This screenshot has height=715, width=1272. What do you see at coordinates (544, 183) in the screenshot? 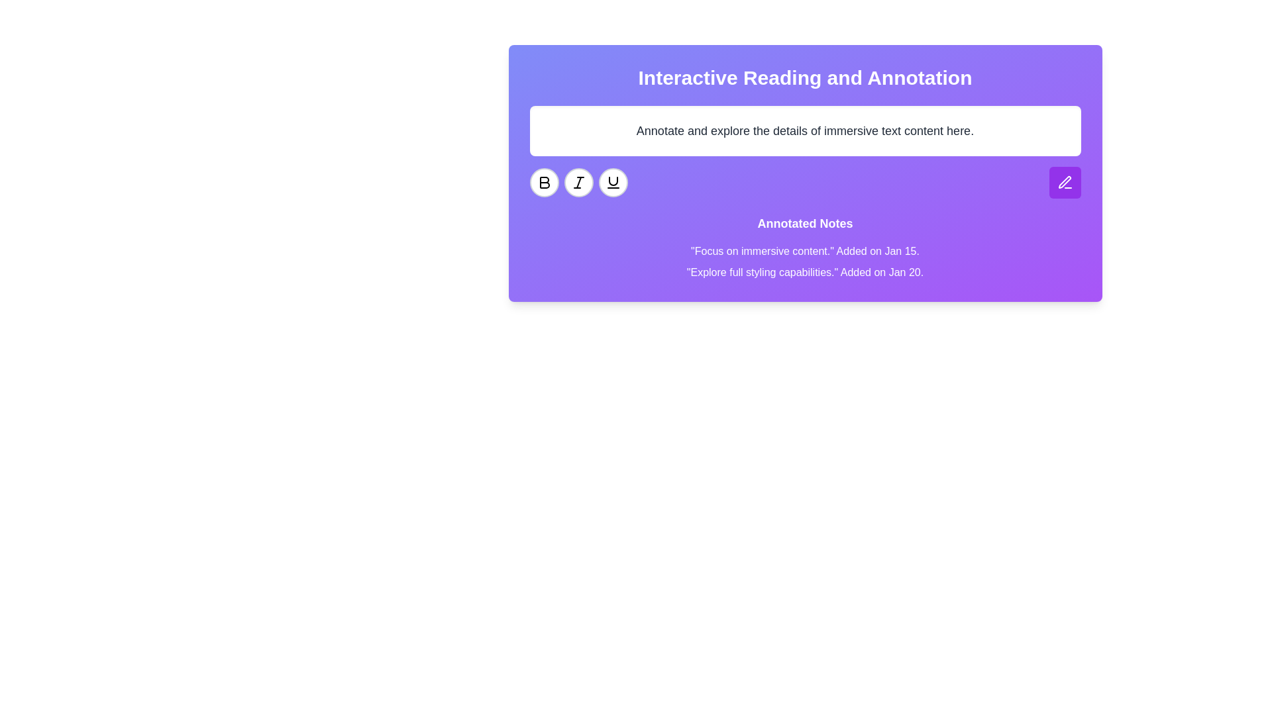
I see `the bold formatting icon located in the toolbar beneath the main text input area` at bounding box center [544, 183].